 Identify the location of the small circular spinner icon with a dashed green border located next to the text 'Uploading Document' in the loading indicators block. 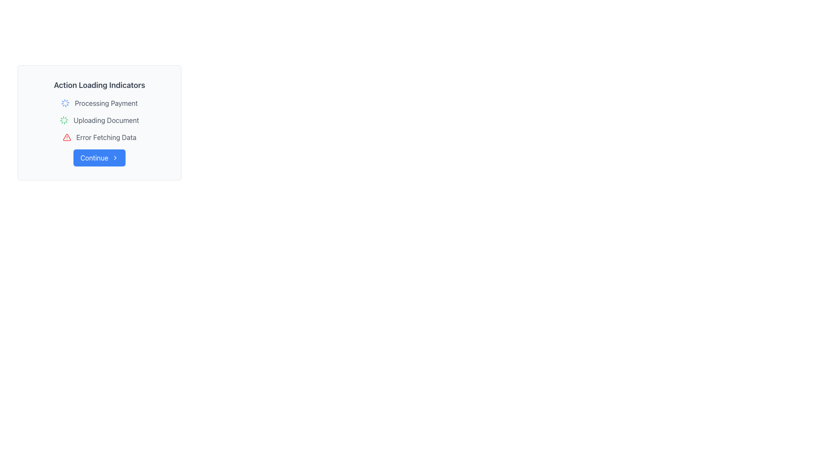
(64, 120).